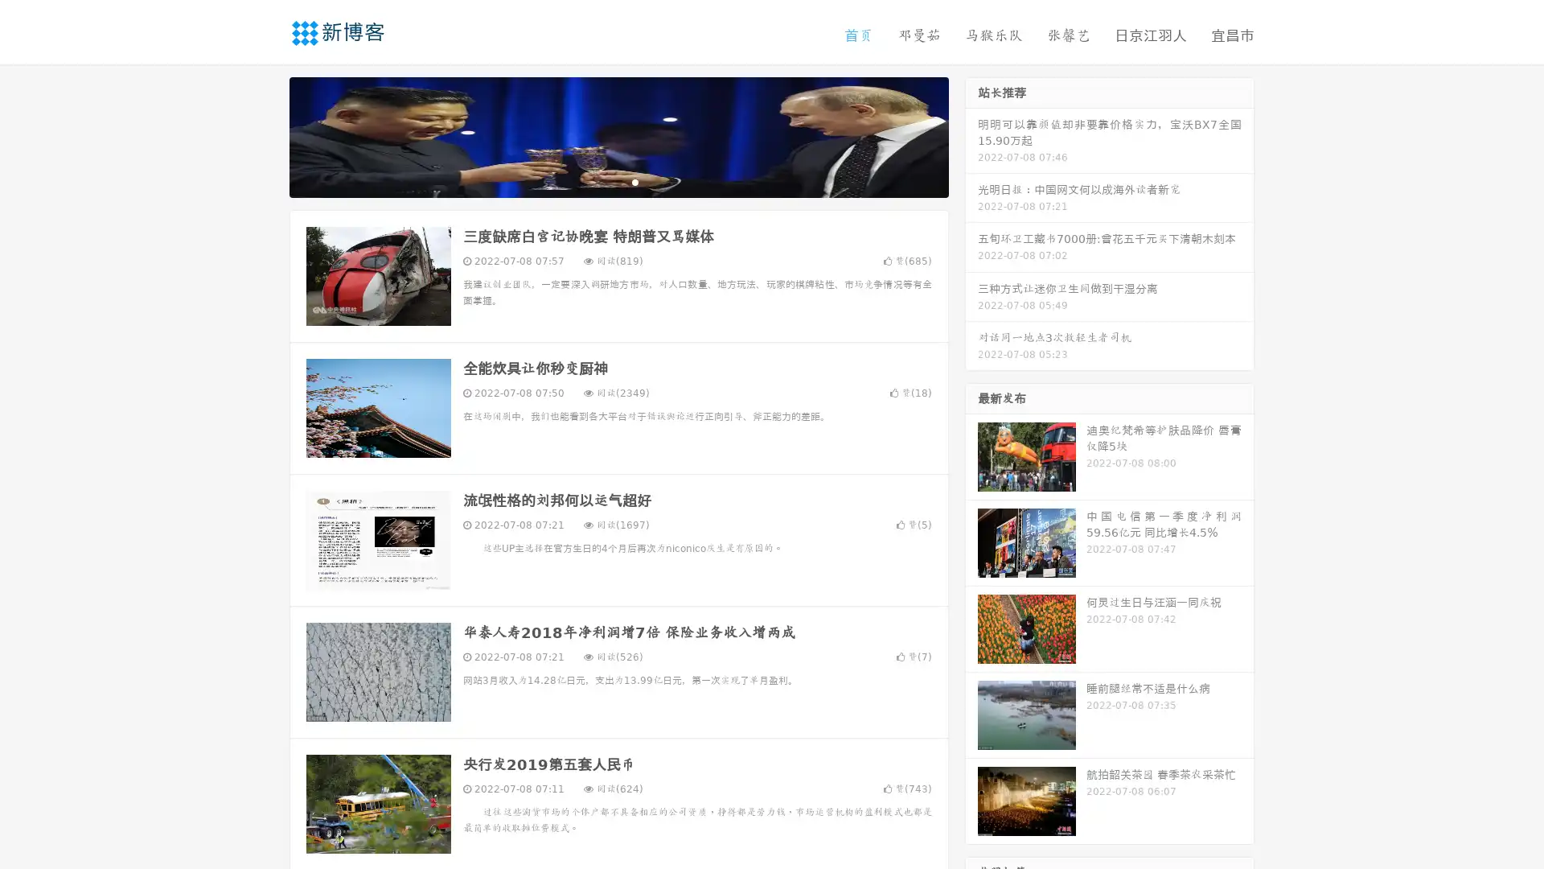 This screenshot has width=1544, height=869. Describe the element at coordinates (618, 181) in the screenshot. I see `Go to slide 2` at that location.